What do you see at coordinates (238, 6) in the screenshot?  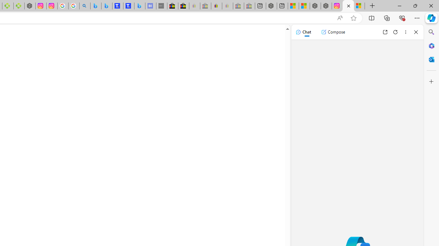 I see `'Press Room - eBay Inc. - Sleeping'` at bounding box center [238, 6].